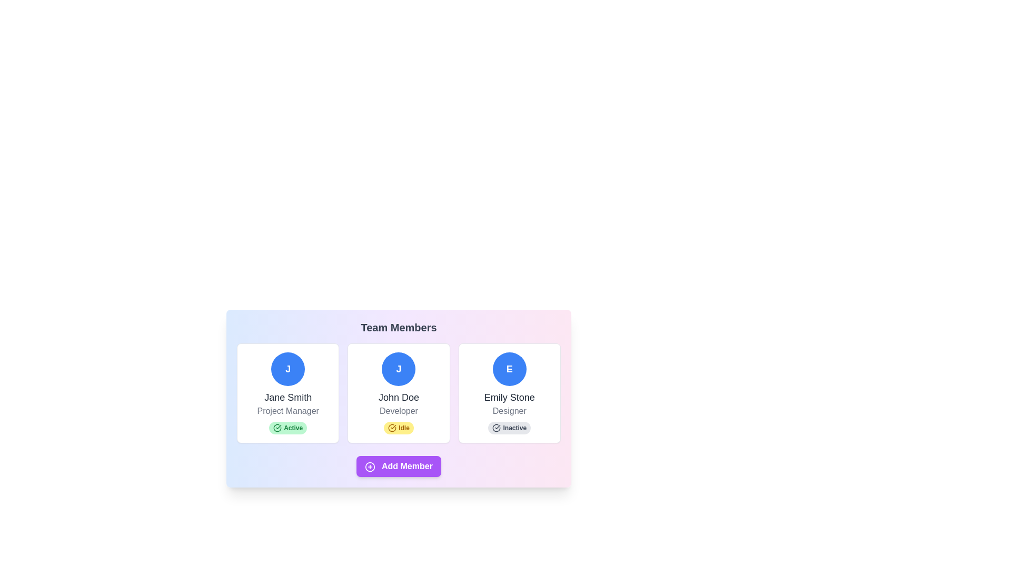 Image resolution: width=1011 pixels, height=568 pixels. What do you see at coordinates (288, 428) in the screenshot?
I see `the status indicator for 'Jane Smith', which displays 'Active' below the text 'Project Manager'` at bounding box center [288, 428].